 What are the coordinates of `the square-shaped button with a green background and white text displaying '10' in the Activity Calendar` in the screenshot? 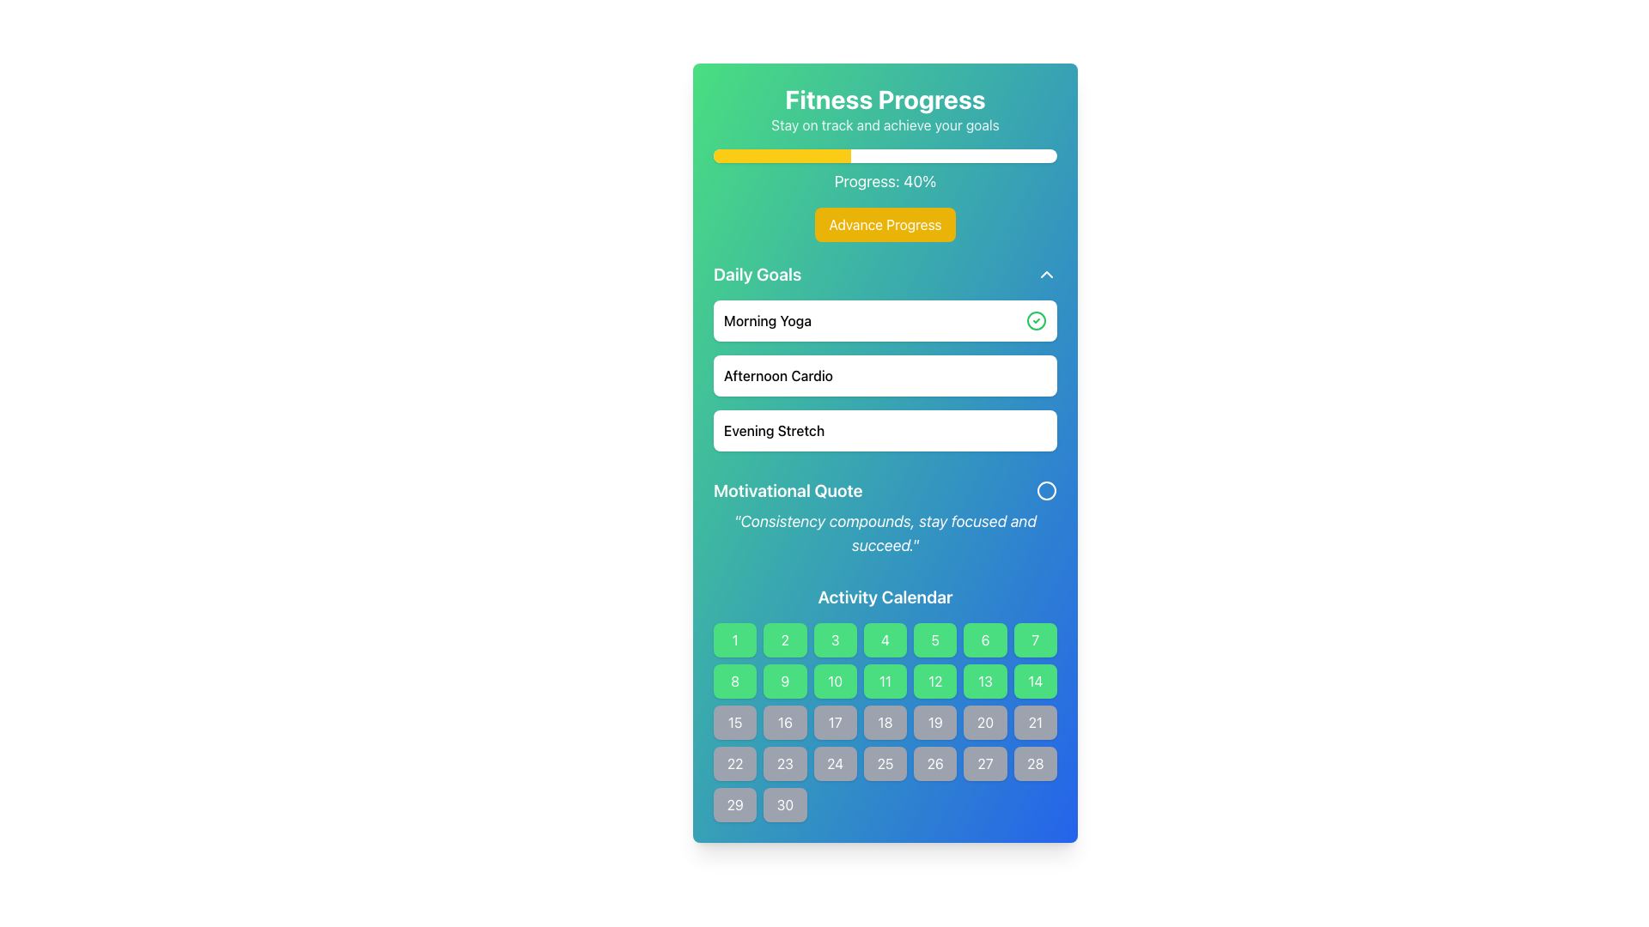 It's located at (835, 681).